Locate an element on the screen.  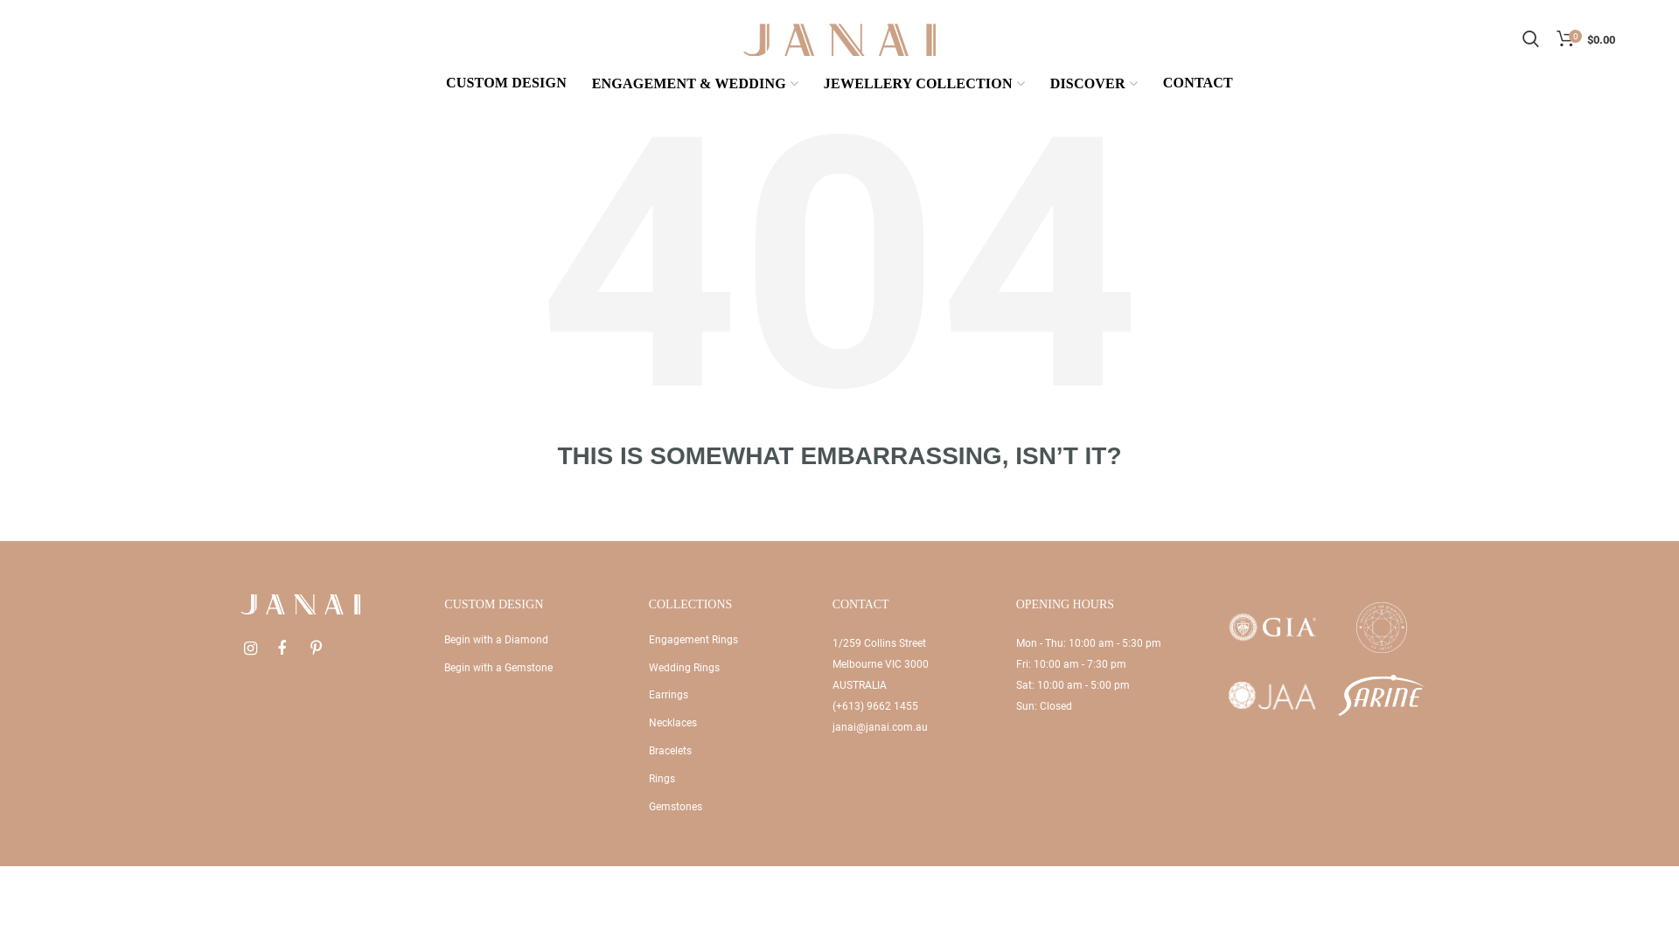
'Earrings' is located at coordinates (667, 693).